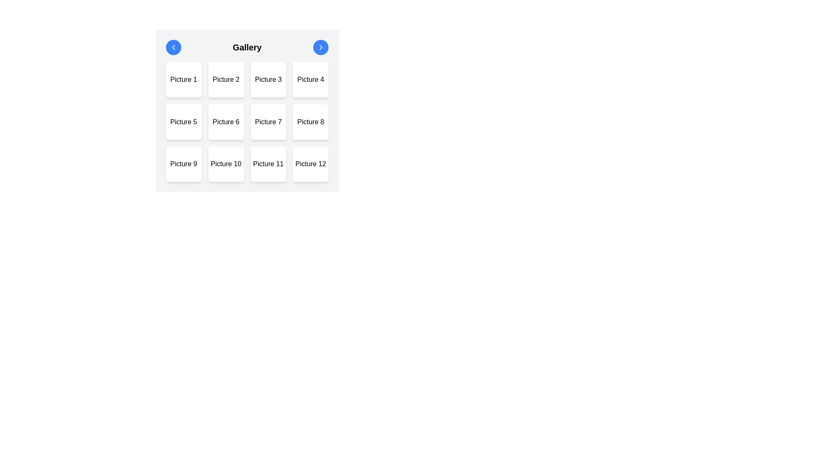 The height and width of the screenshot is (458, 815). What do you see at coordinates (183, 122) in the screenshot?
I see `the Button-like grid item labeled 'Picture 5', which is located in the second row and first column of a 4x3 grid layout` at bounding box center [183, 122].